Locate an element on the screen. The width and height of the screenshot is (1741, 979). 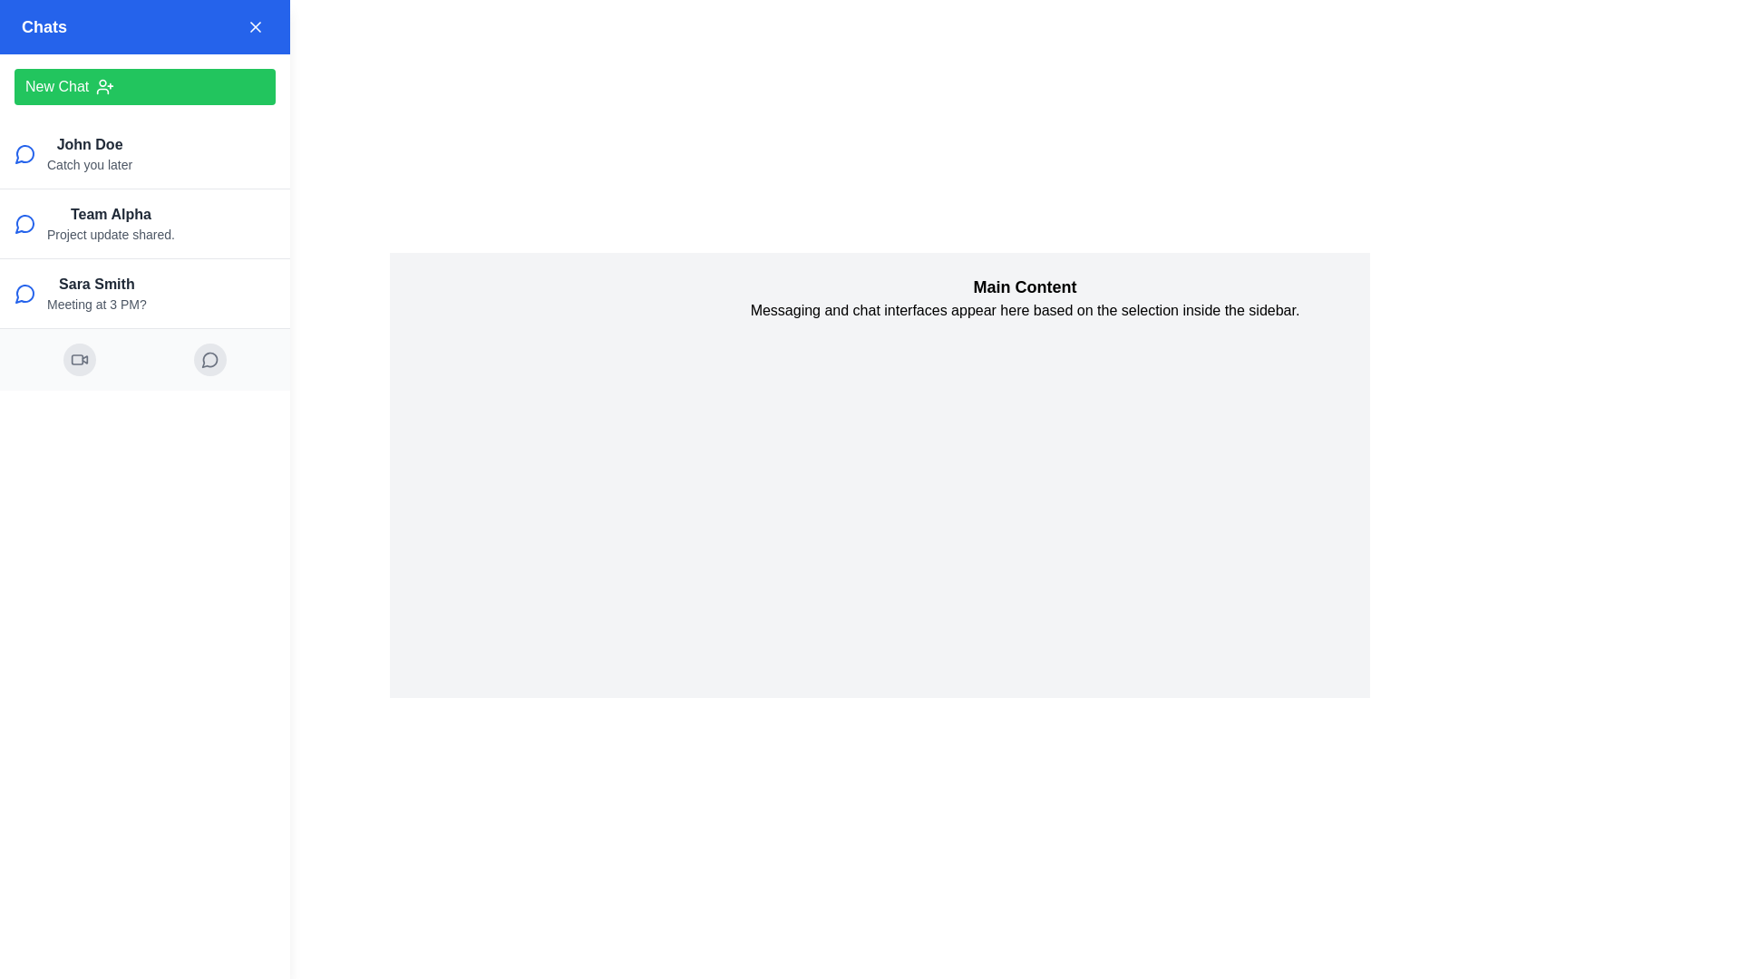
the rounded button in the bottom-right corner of the footer section that has a speech bubble icon is located at coordinates (209, 360).